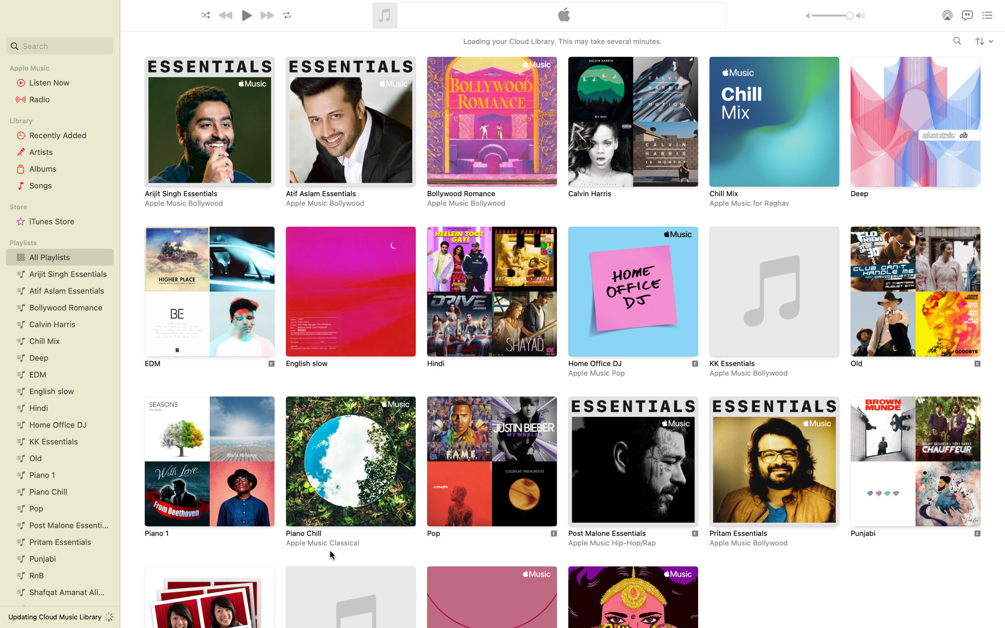 This screenshot has height=628, width=1005. Describe the element at coordinates (957, 41) in the screenshot. I see `Search for songs by "Calvin Harris` at that location.